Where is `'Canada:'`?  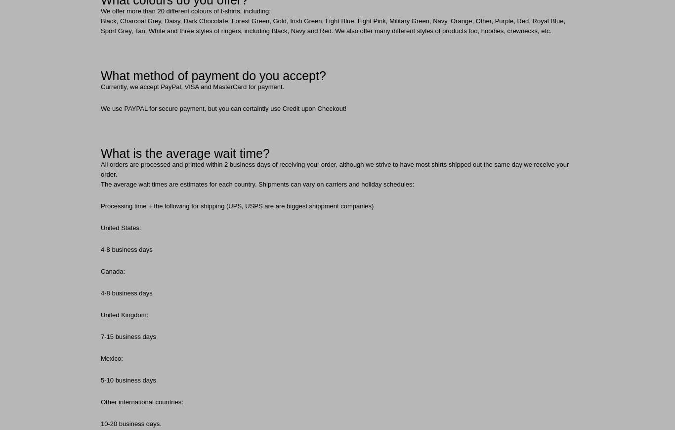 'Canada:' is located at coordinates (100, 271).